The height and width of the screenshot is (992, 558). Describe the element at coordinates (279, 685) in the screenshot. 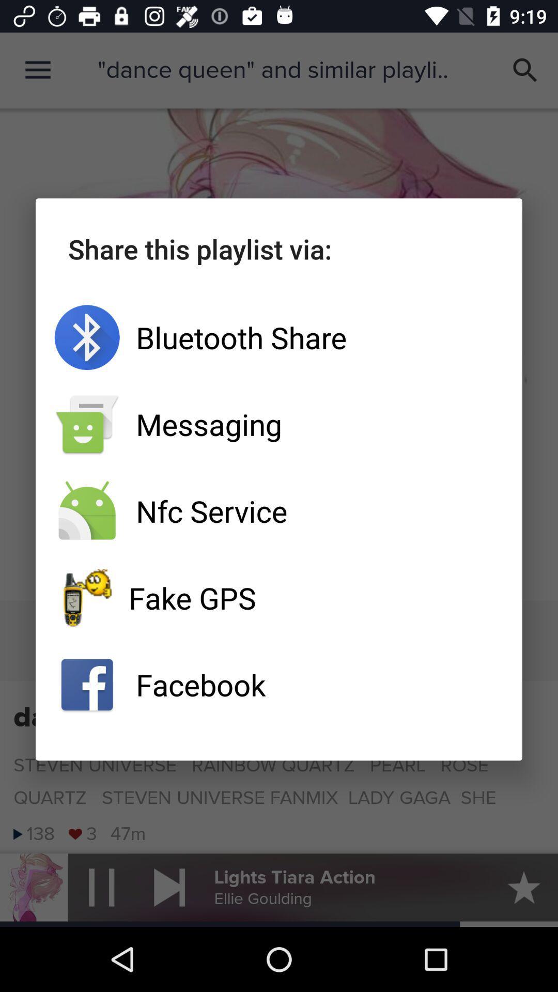

I see `facebook at the bottom` at that location.